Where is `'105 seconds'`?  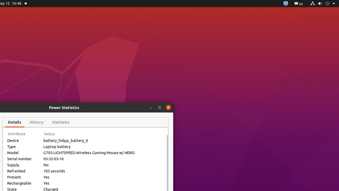
'105 seconds' is located at coordinates (104, 171).